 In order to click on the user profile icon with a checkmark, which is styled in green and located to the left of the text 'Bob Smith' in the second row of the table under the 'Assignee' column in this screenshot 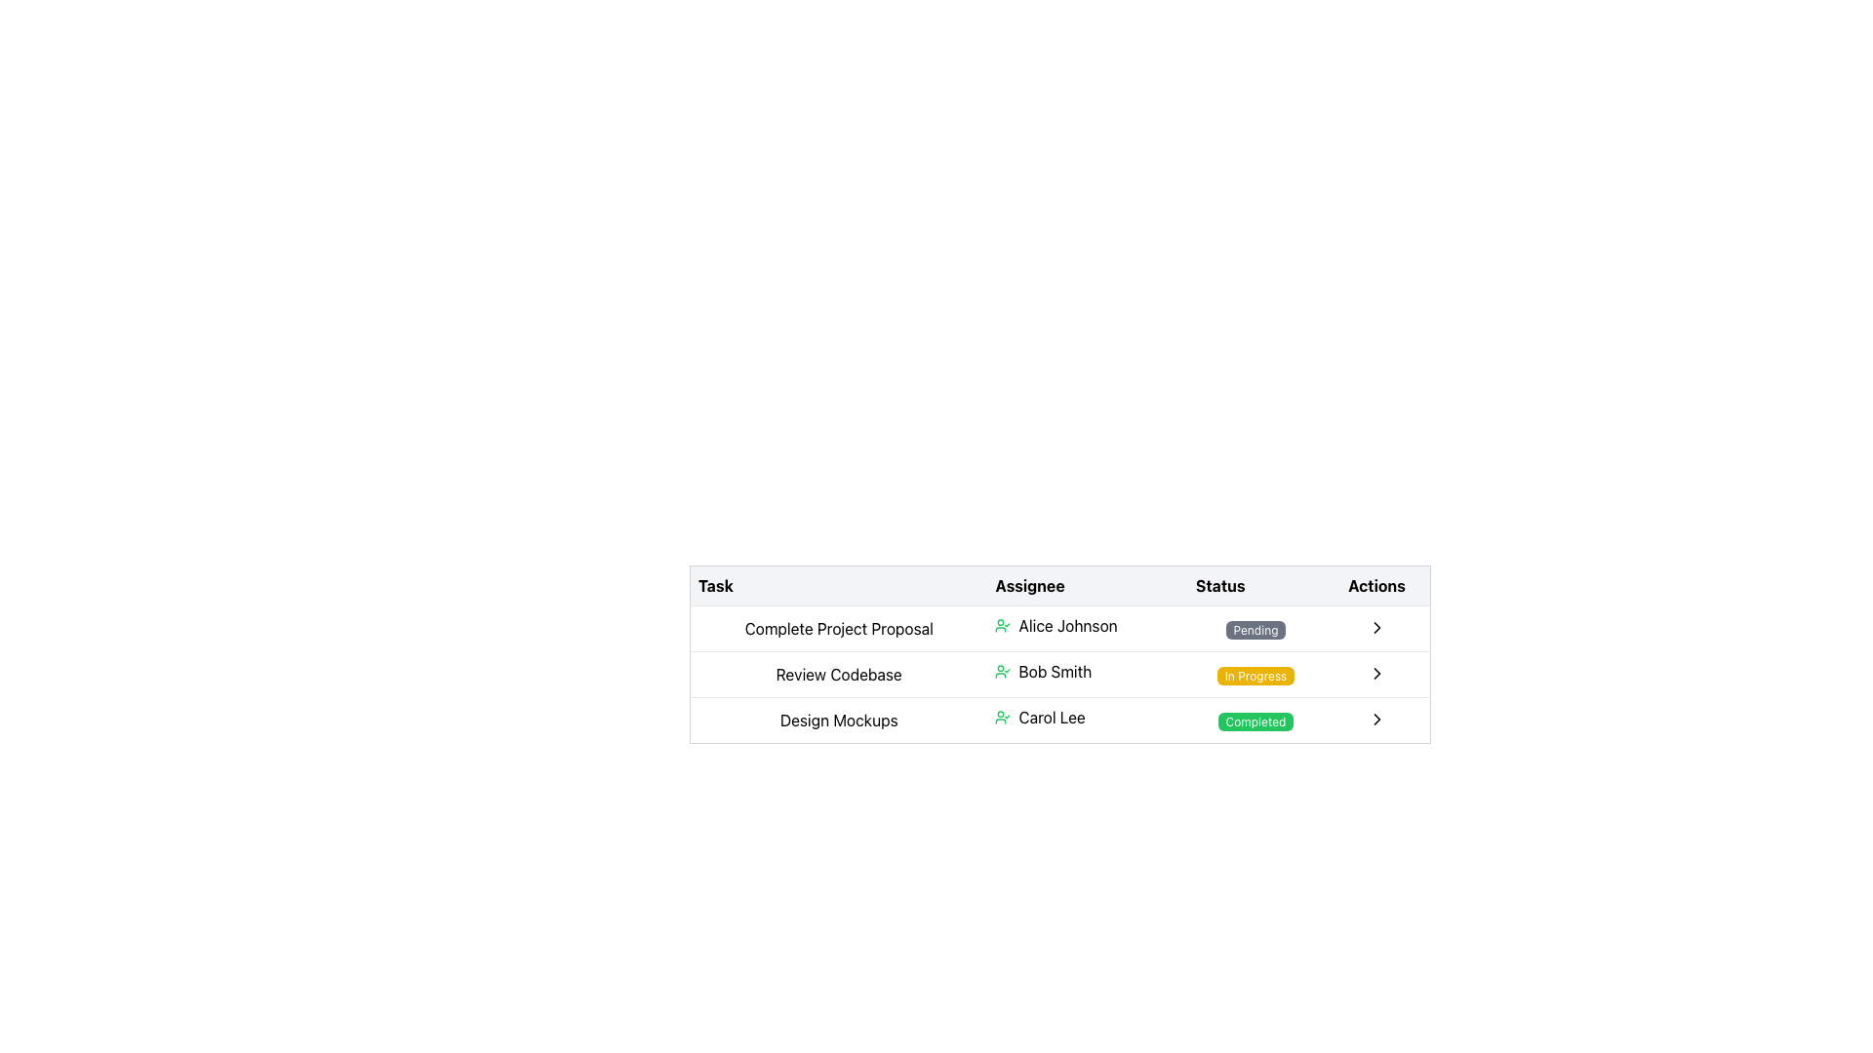, I will do `click(1003, 671)`.